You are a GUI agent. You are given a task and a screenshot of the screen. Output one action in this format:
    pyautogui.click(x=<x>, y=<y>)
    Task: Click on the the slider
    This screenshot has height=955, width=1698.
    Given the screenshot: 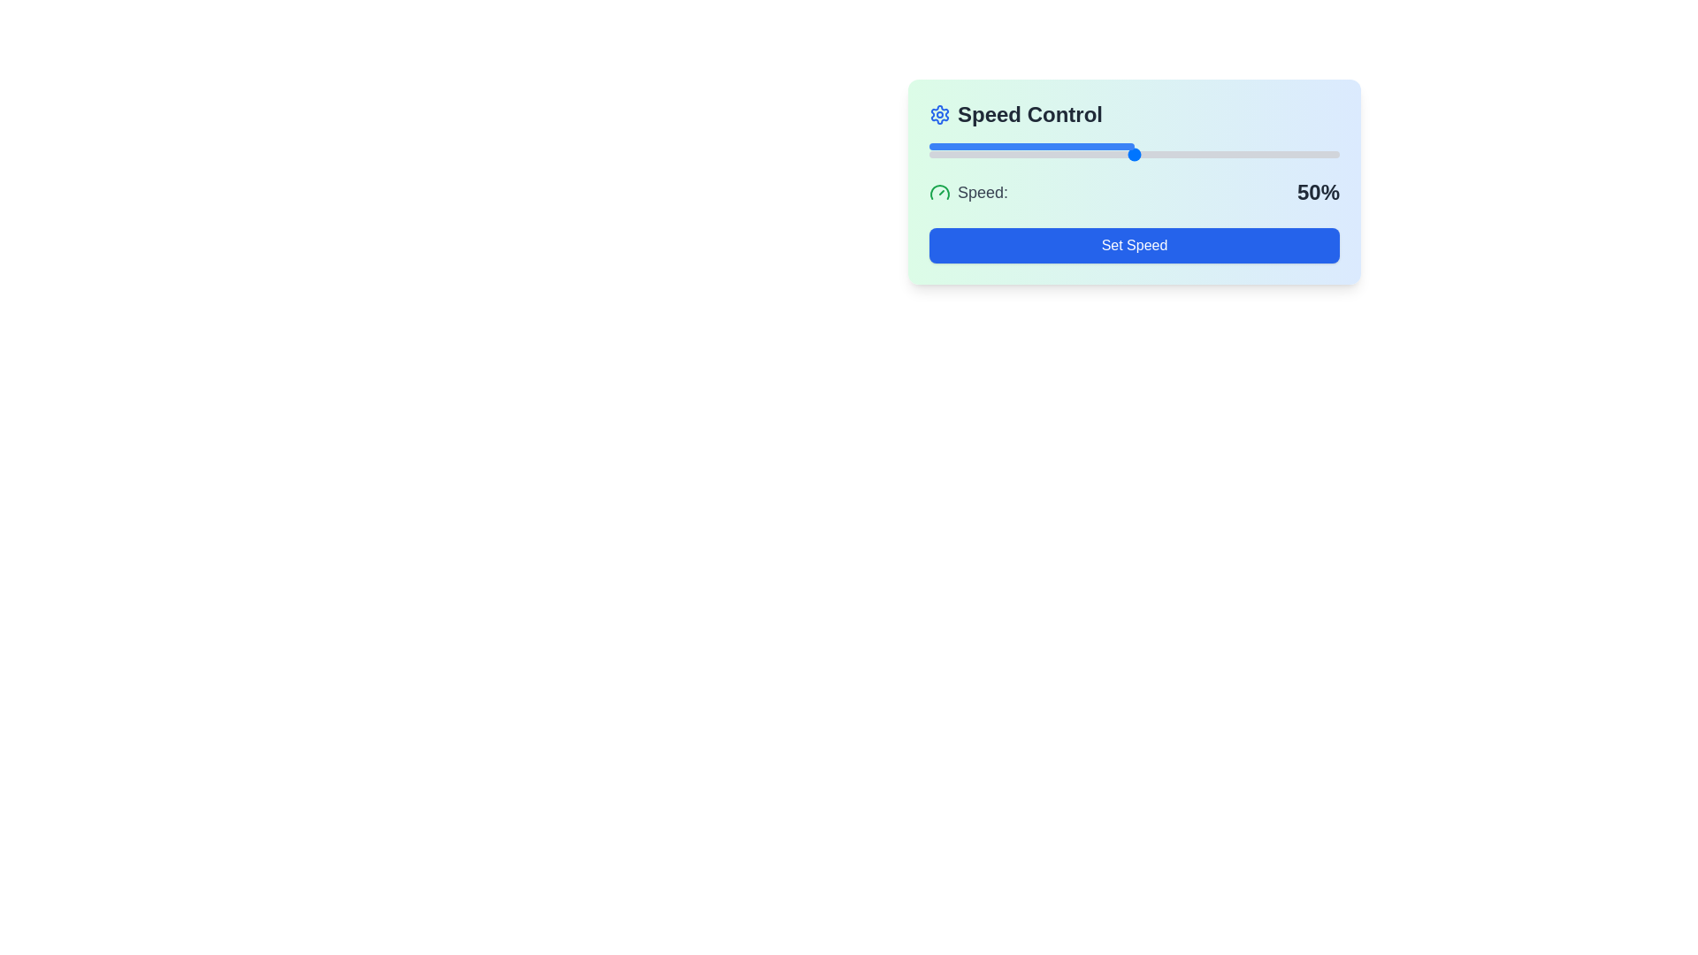 What is the action you would take?
    pyautogui.click(x=982, y=153)
    